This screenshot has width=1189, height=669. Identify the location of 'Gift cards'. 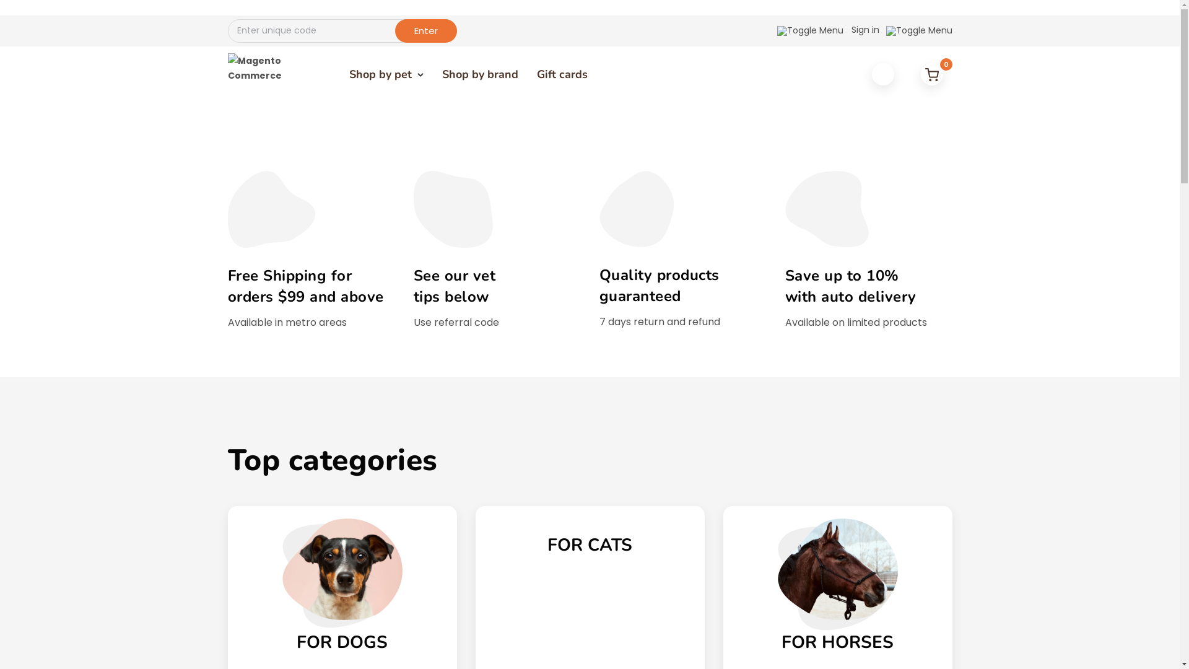
(561, 74).